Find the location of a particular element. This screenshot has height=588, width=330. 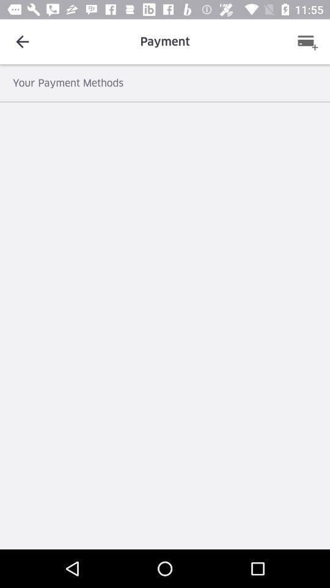

item to the left of the payment icon is located at coordinates (22, 42).